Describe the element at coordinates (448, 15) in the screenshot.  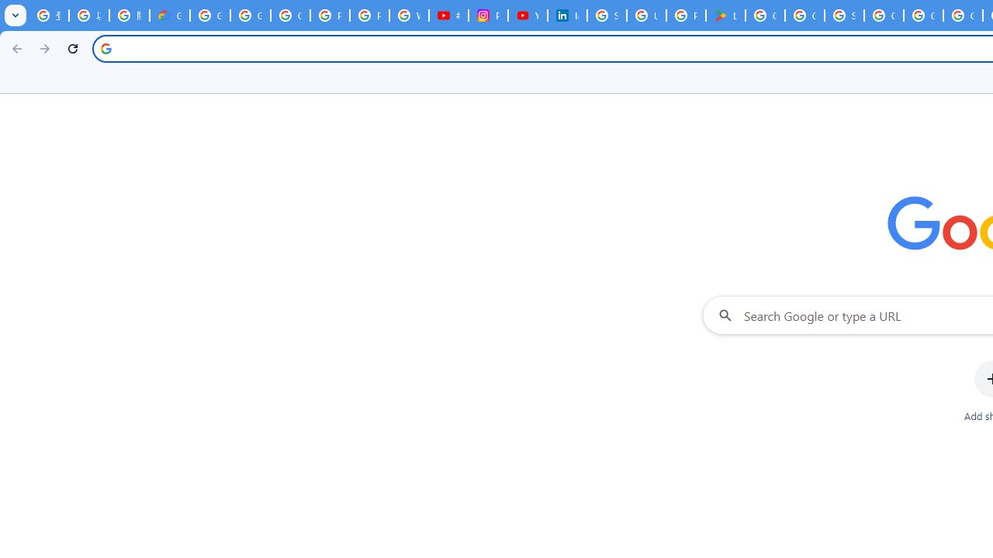
I see `'#nbabasketballhighlights - YouTube'` at that location.